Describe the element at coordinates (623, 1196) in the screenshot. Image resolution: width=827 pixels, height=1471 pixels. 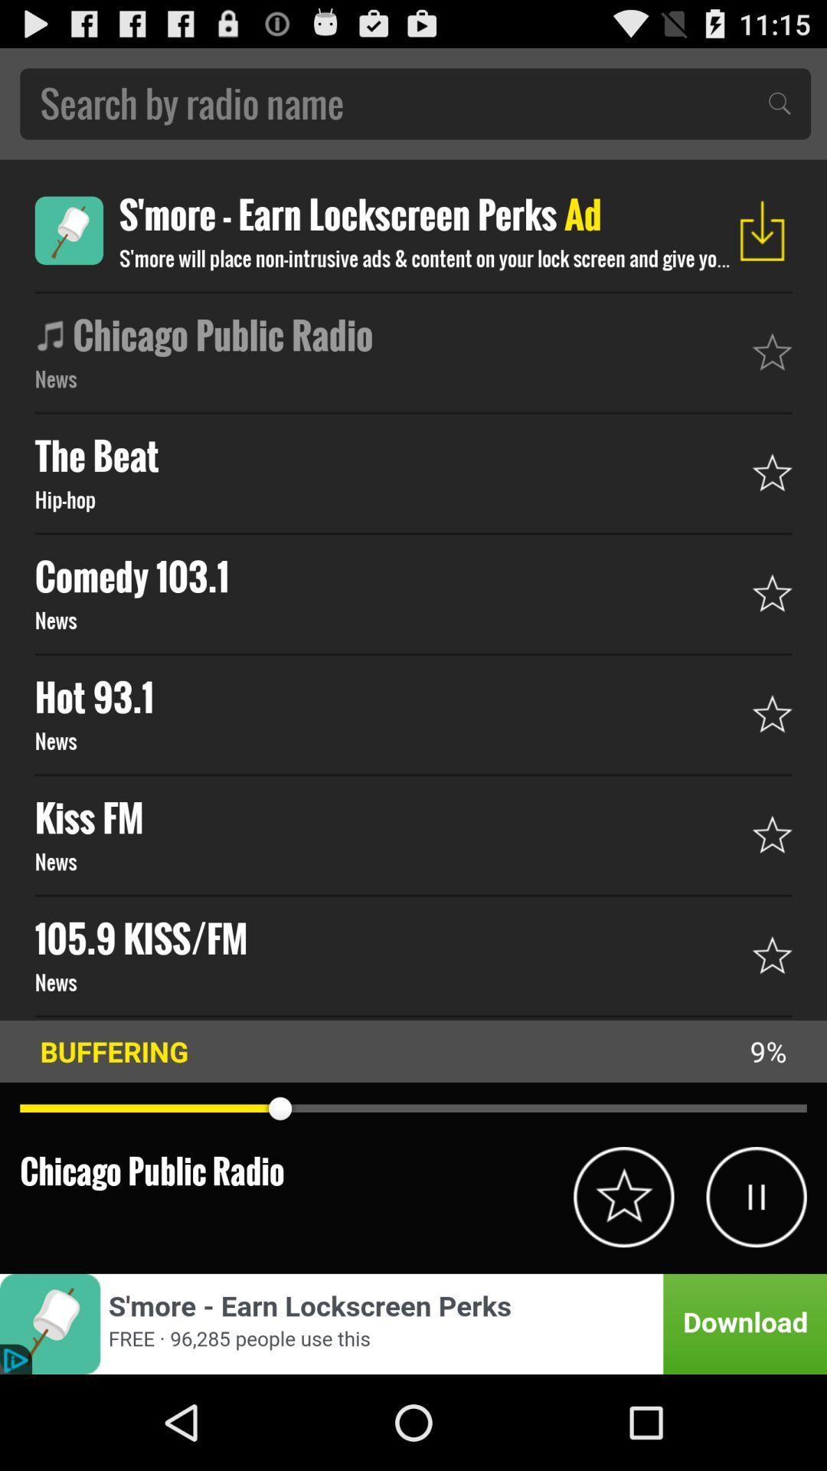
I see `report your star ratings` at that location.